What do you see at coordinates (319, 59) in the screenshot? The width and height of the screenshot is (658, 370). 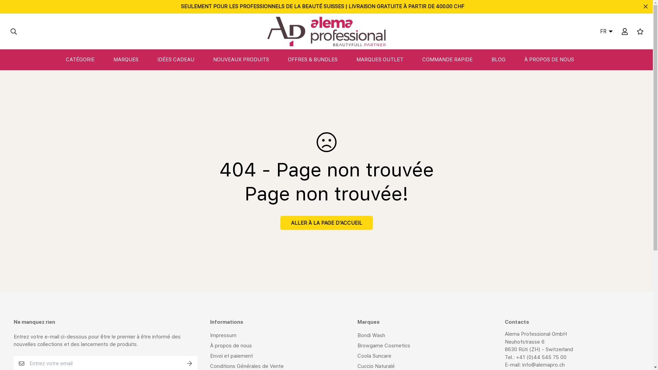 I see `'OFFRES & BUNDLES'` at bounding box center [319, 59].